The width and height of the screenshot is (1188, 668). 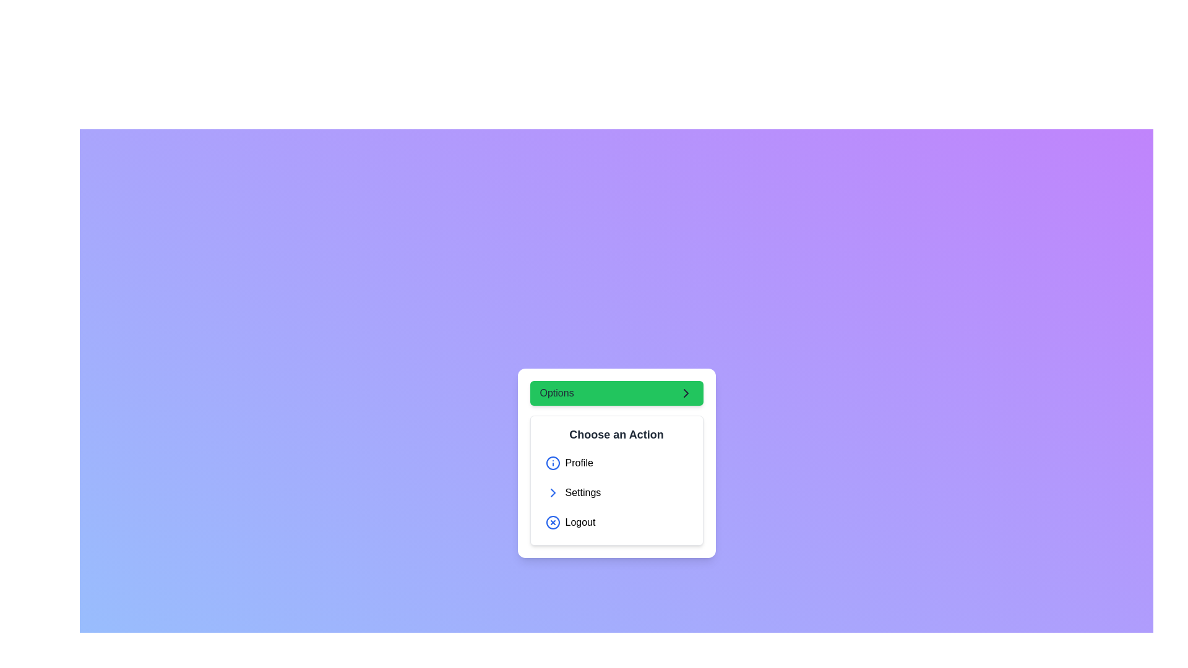 I want to click on the second button in the vertical list of menu options within the rounded white card, so click(x=616, y=492).